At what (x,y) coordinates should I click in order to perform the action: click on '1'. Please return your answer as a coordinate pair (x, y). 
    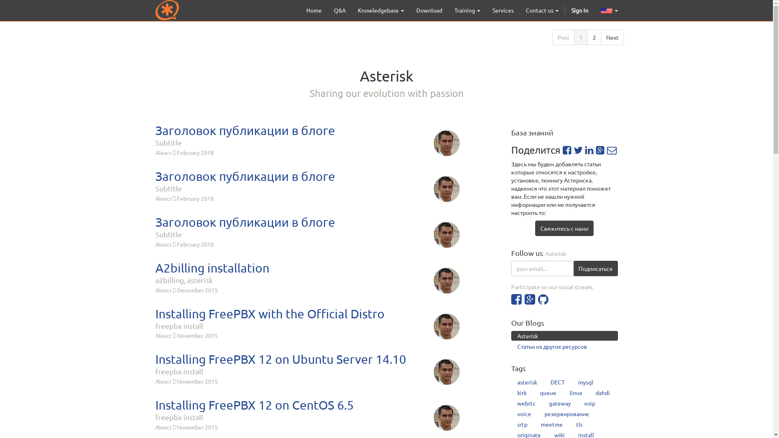
    Looking at the image, I should click on (580, 37).